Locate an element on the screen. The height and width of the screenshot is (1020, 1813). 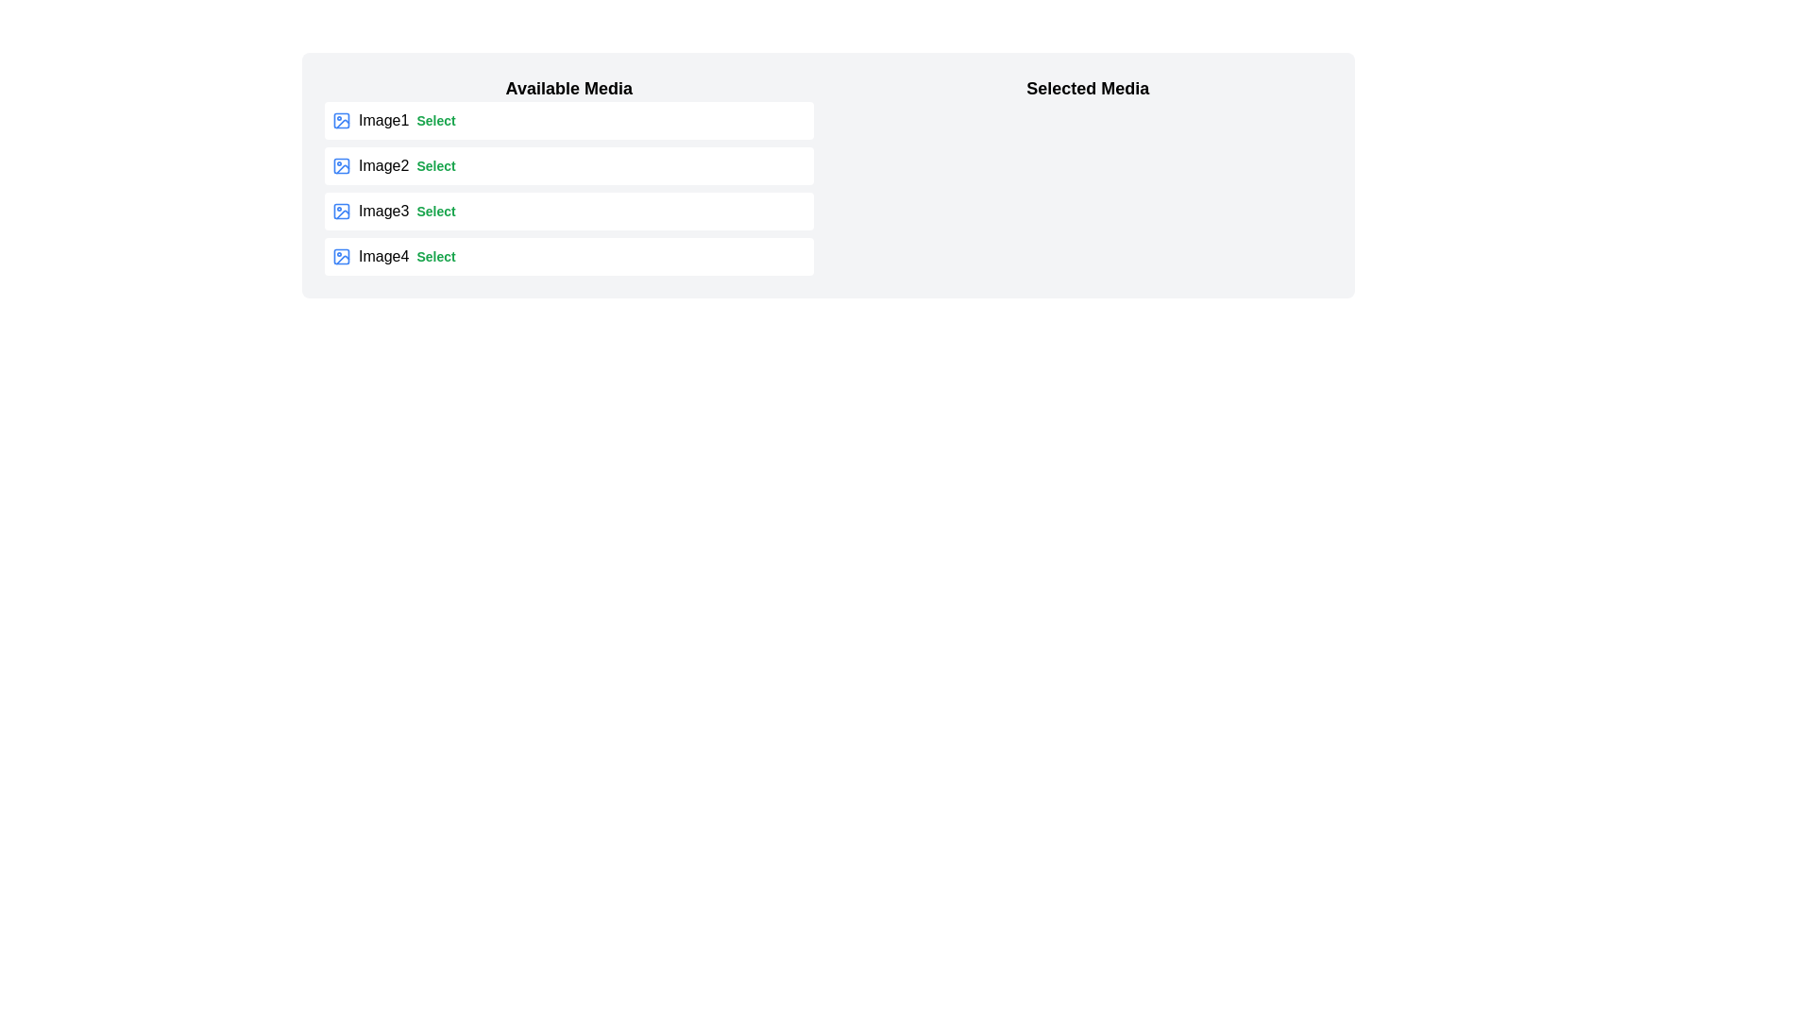
the 'Select' link in the List item labeled 'Image3' is located at coordinates (568, 211).